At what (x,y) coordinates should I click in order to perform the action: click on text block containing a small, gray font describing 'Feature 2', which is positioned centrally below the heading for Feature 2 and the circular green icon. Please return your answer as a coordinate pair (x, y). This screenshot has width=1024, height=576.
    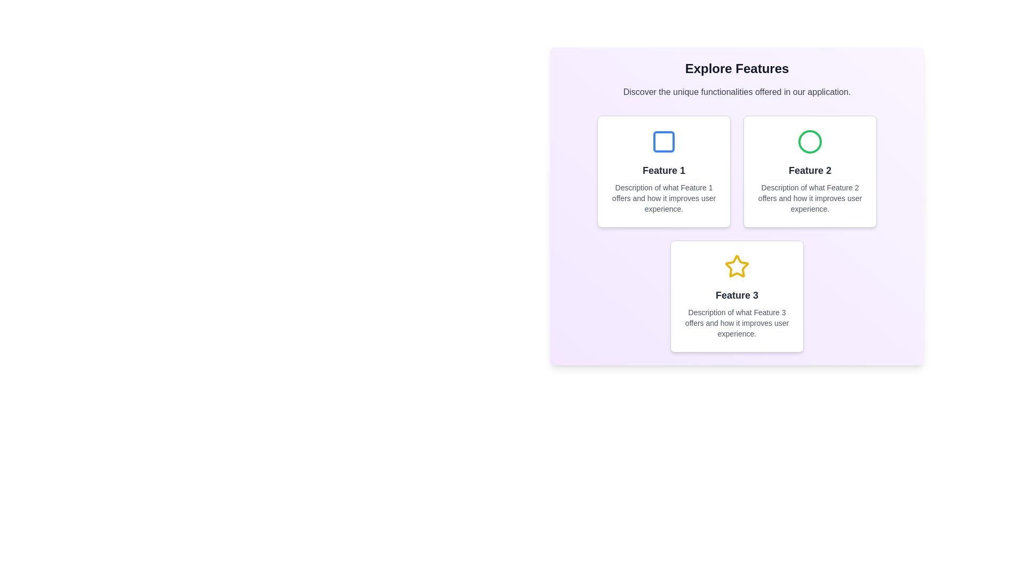
    Looking at the image, I should click on (810, 198).